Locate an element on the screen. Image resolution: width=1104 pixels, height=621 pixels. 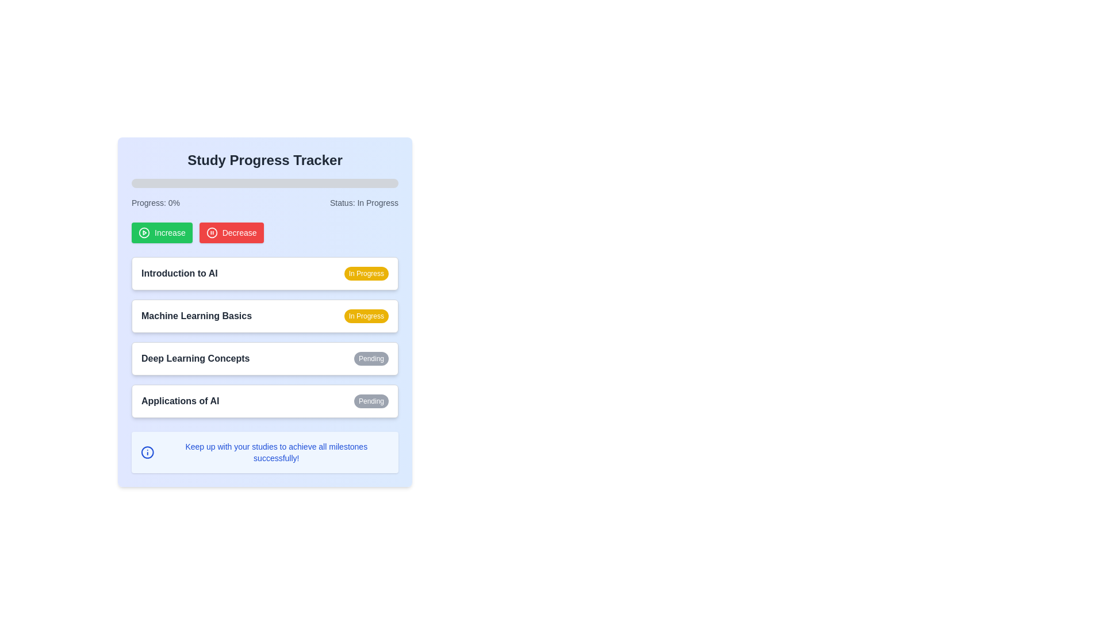
the yellow-colored Status label that displays 'In Progress', which is located at the right end of the 'Introduction to AI' row in the study tracker is located at coordinates (366, 273).